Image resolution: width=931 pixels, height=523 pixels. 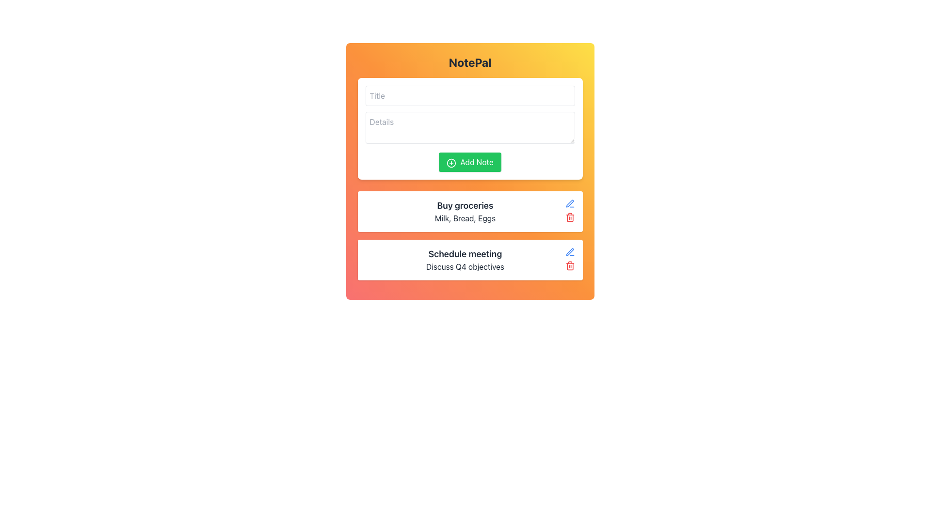 I want to click on the Icon that visually reinforces the 'Add Note' button, located at the left end of the button, centered below the 'Details' text area, so click(x=451, y=162).